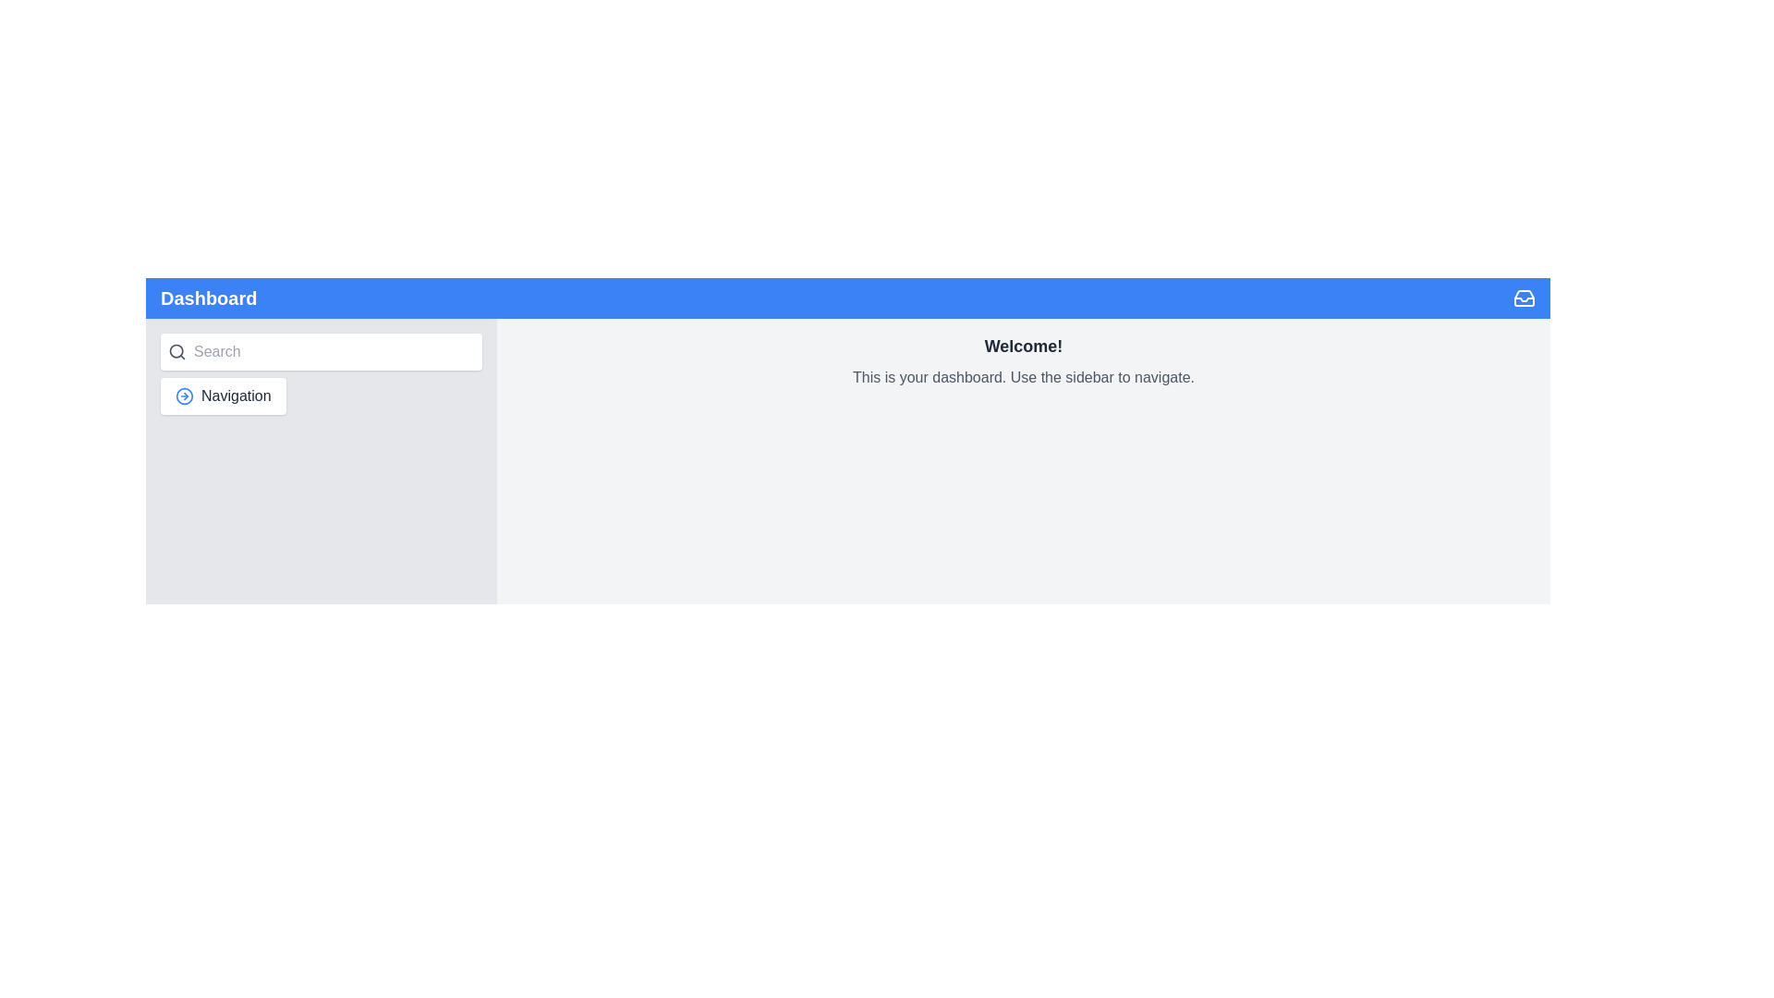  What do you see at coordinates (1023, 346) in the screenshot?
I see `the static text label reading 'Welcome!' which is styled in bold, large, dark gray font and positioned prominently below the blue header bar` at bounding box center [1023, 346].